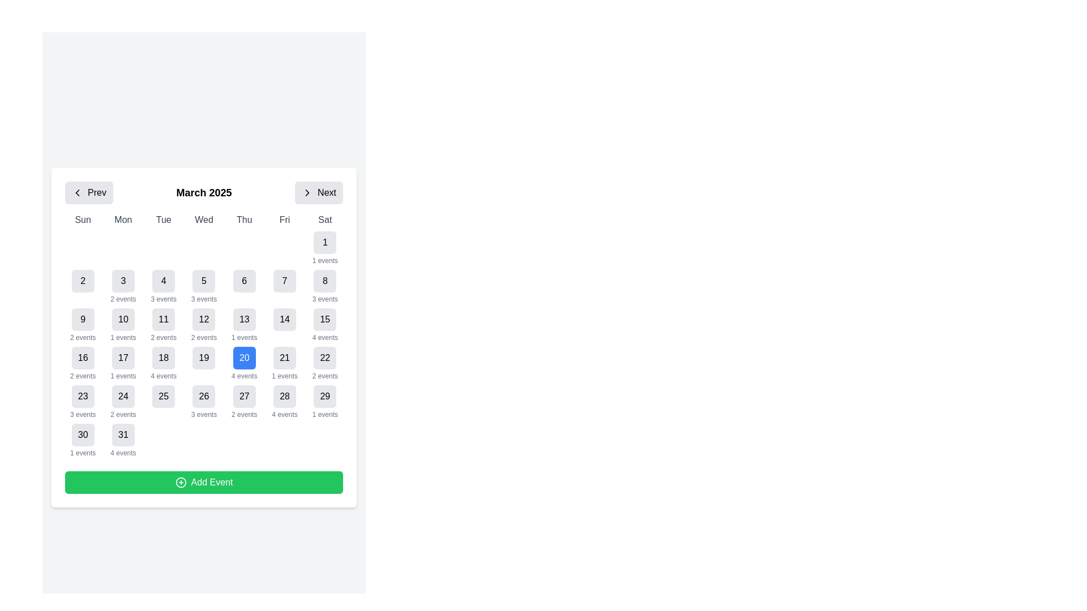 The height and width of the screenshot is (611, 1087). I want to click on the square button with the number '1', so click(324, 242).